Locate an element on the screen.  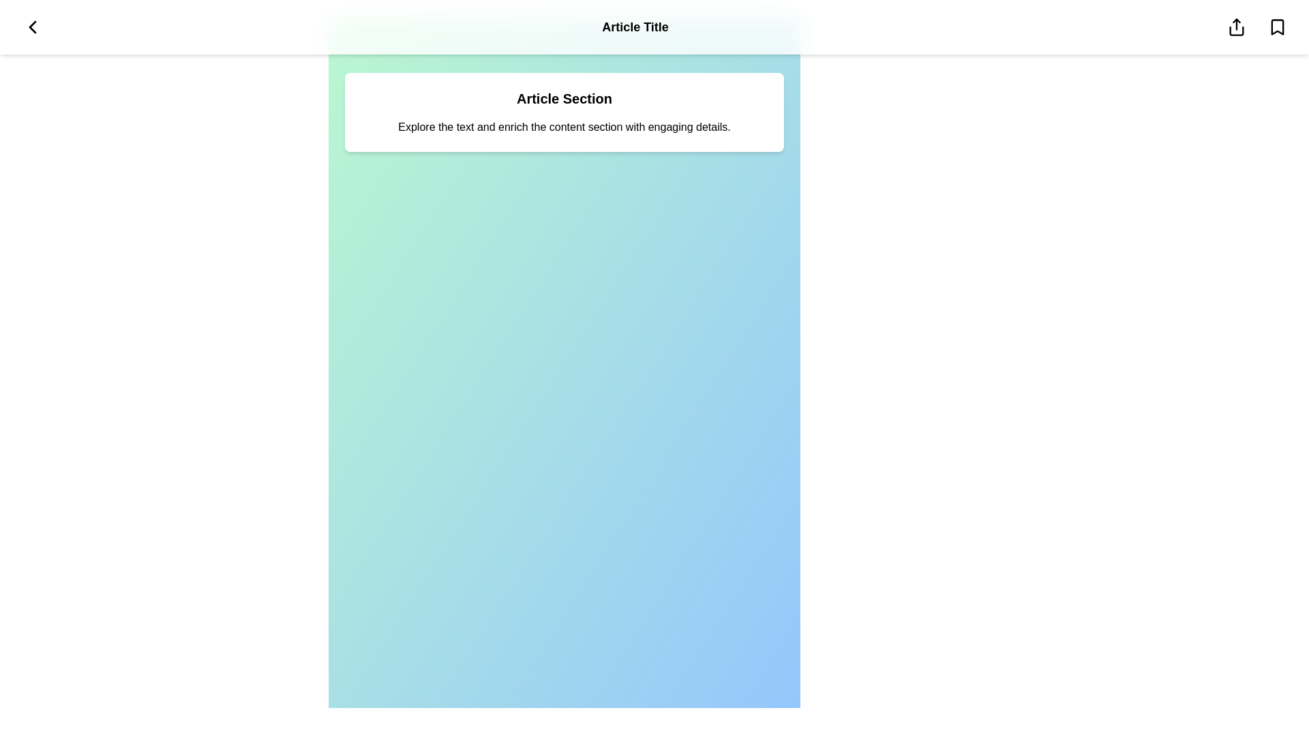
the back button to navigate to the previous screen is located at coordinates (33, 27).